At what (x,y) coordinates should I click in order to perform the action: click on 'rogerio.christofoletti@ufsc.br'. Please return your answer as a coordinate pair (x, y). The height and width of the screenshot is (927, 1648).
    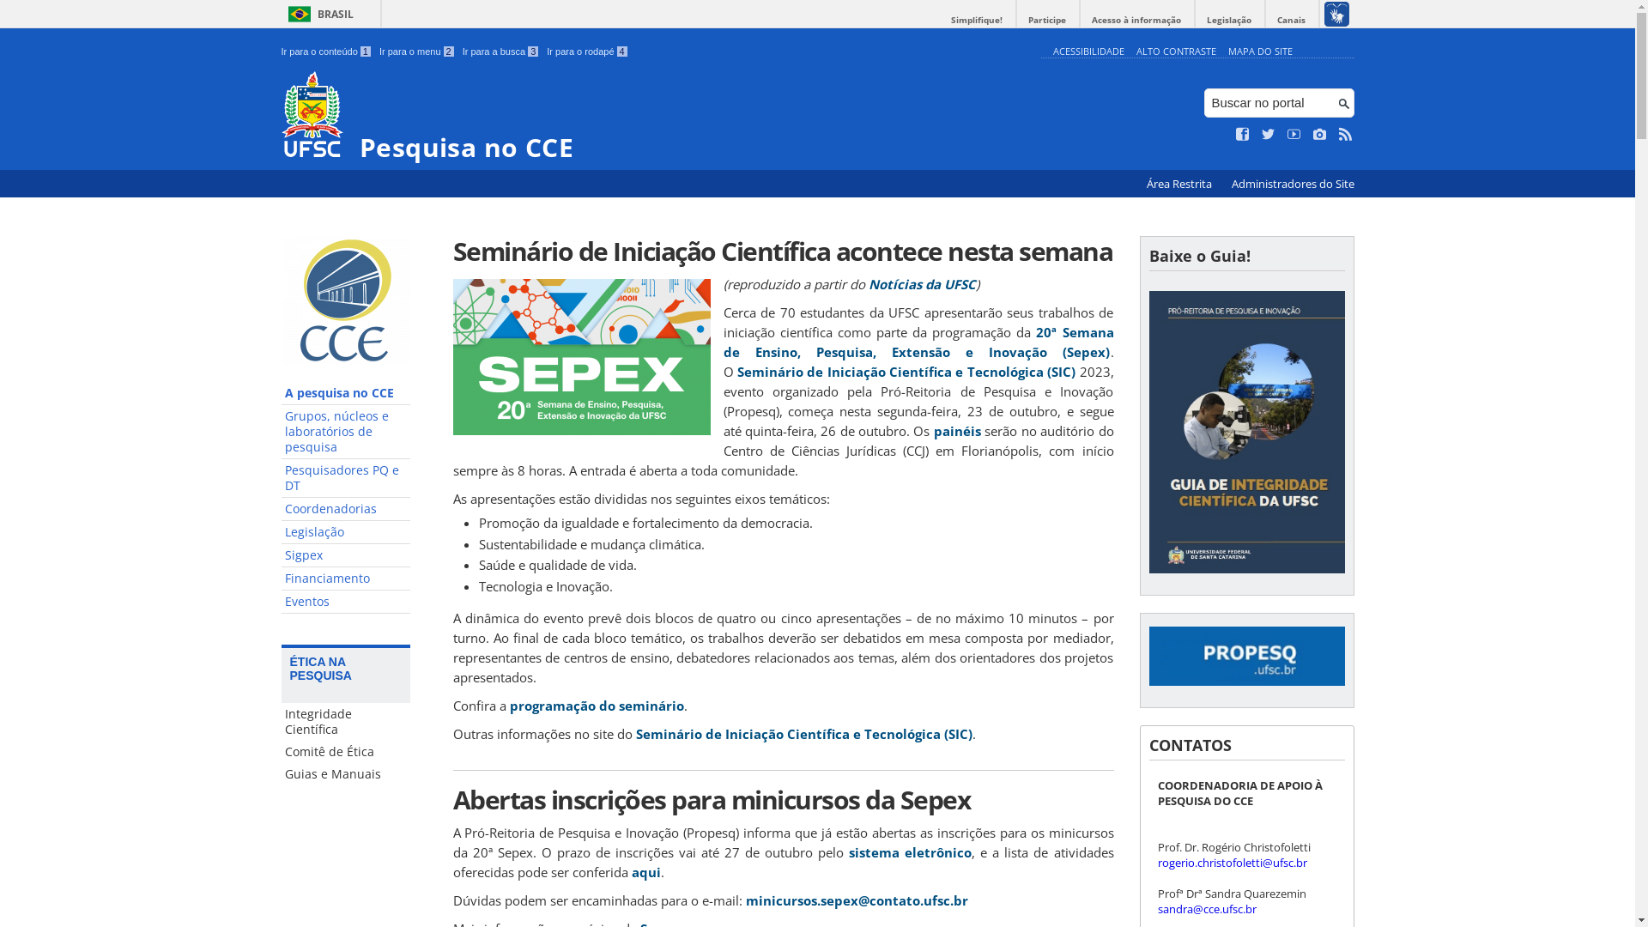
    Looking at the image, I should click on (1231, 863).